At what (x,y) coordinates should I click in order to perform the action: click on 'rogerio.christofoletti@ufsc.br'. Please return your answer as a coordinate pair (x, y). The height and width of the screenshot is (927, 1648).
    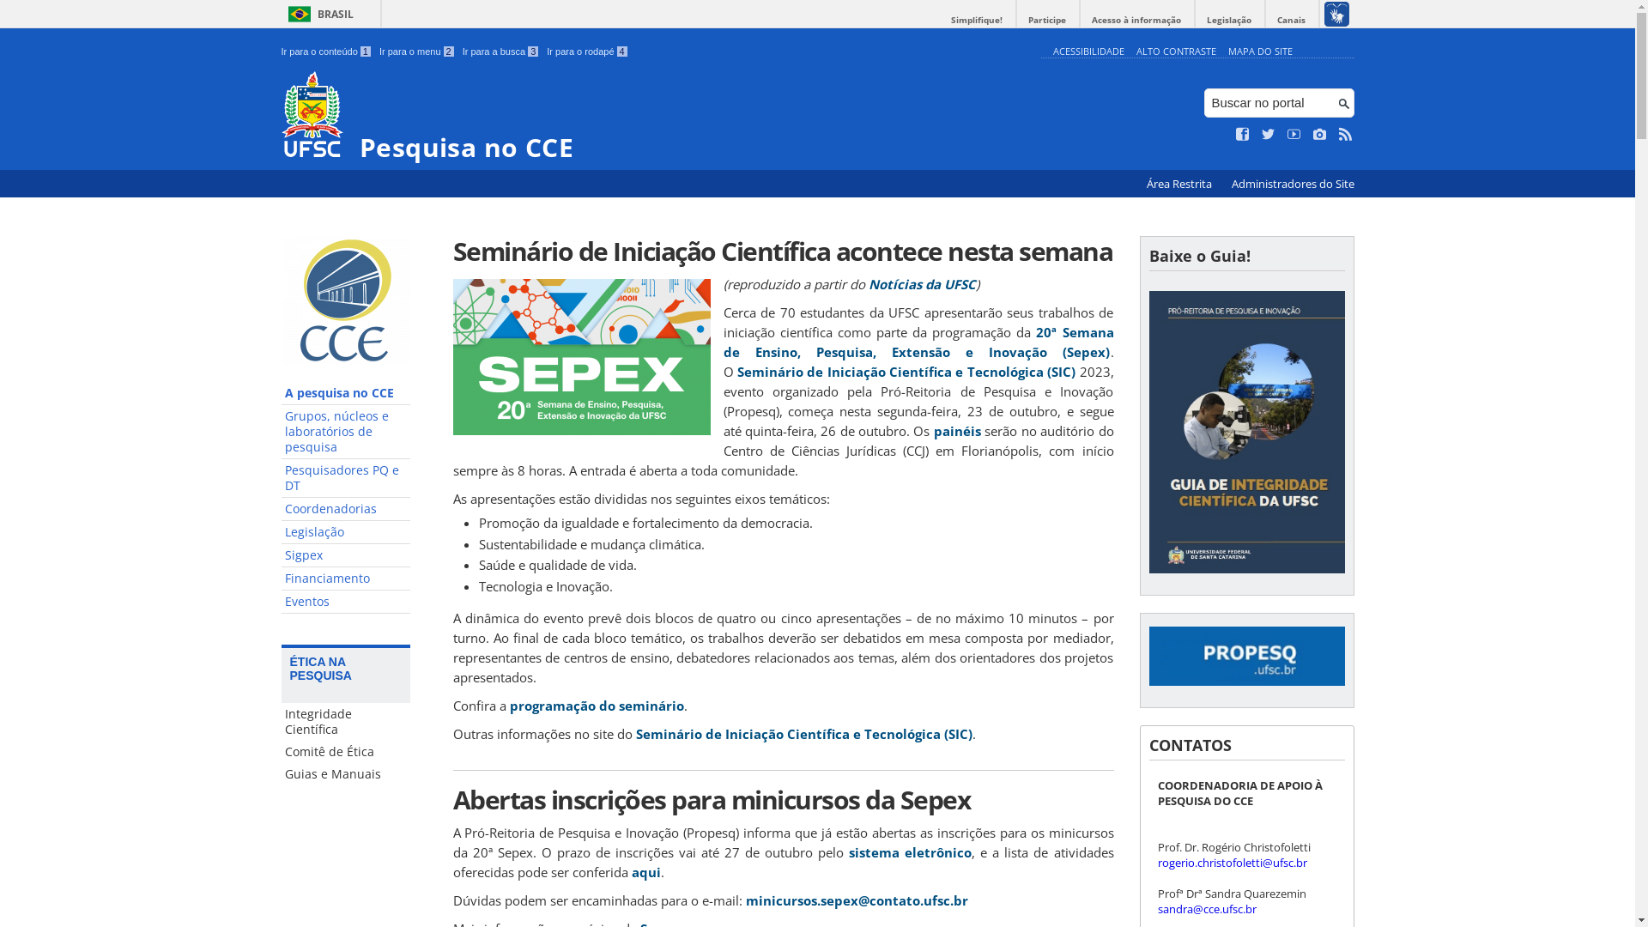
    Looking at the image, I should click on (1231, 863).